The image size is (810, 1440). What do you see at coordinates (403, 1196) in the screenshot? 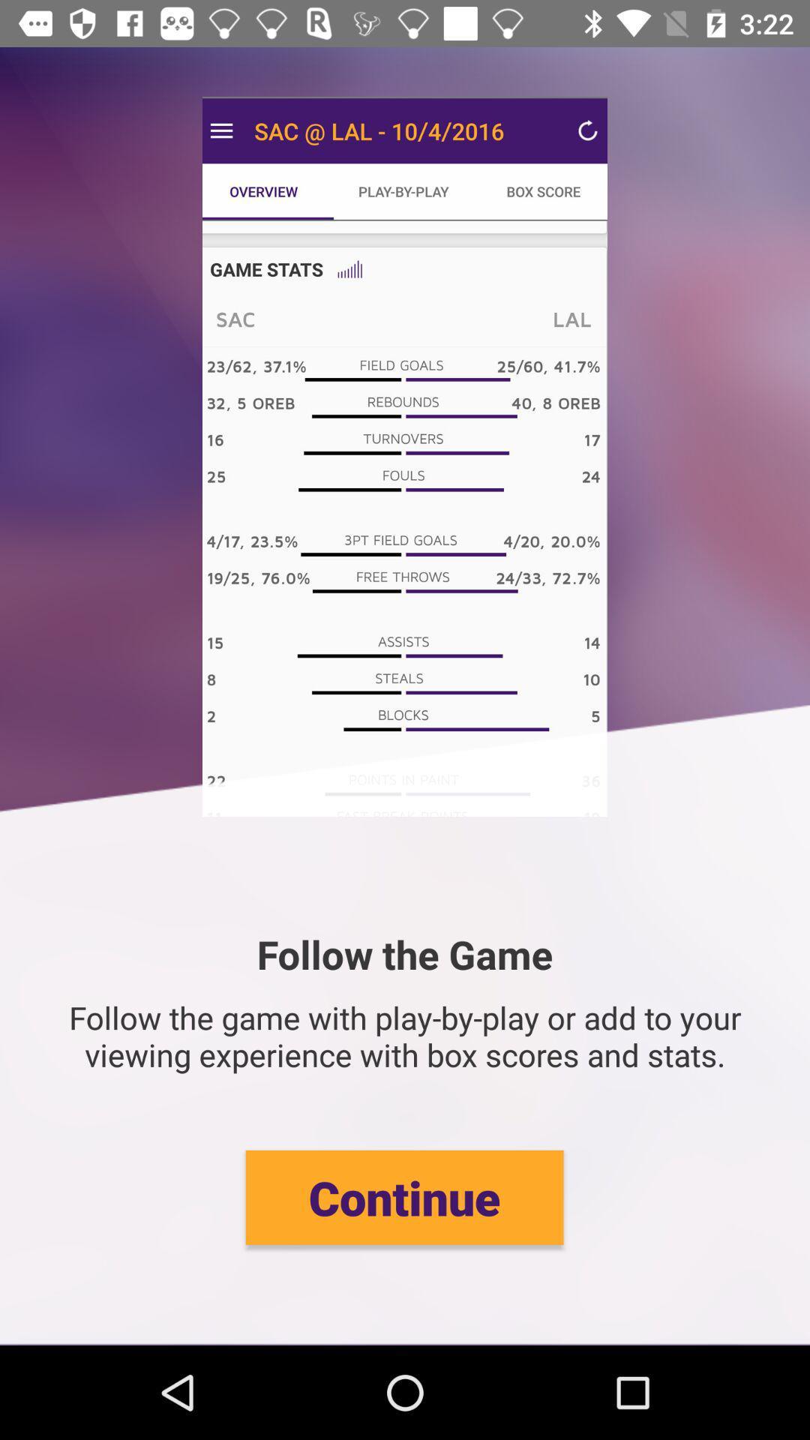
I see `the icon below the follow the game item` at bounding box center [403, 1196].